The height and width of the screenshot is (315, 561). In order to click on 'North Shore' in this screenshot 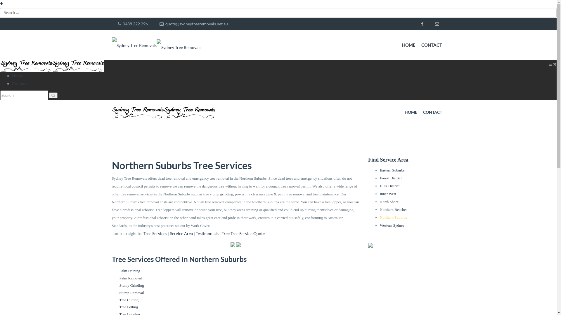, I will do `click(389, 201)`.